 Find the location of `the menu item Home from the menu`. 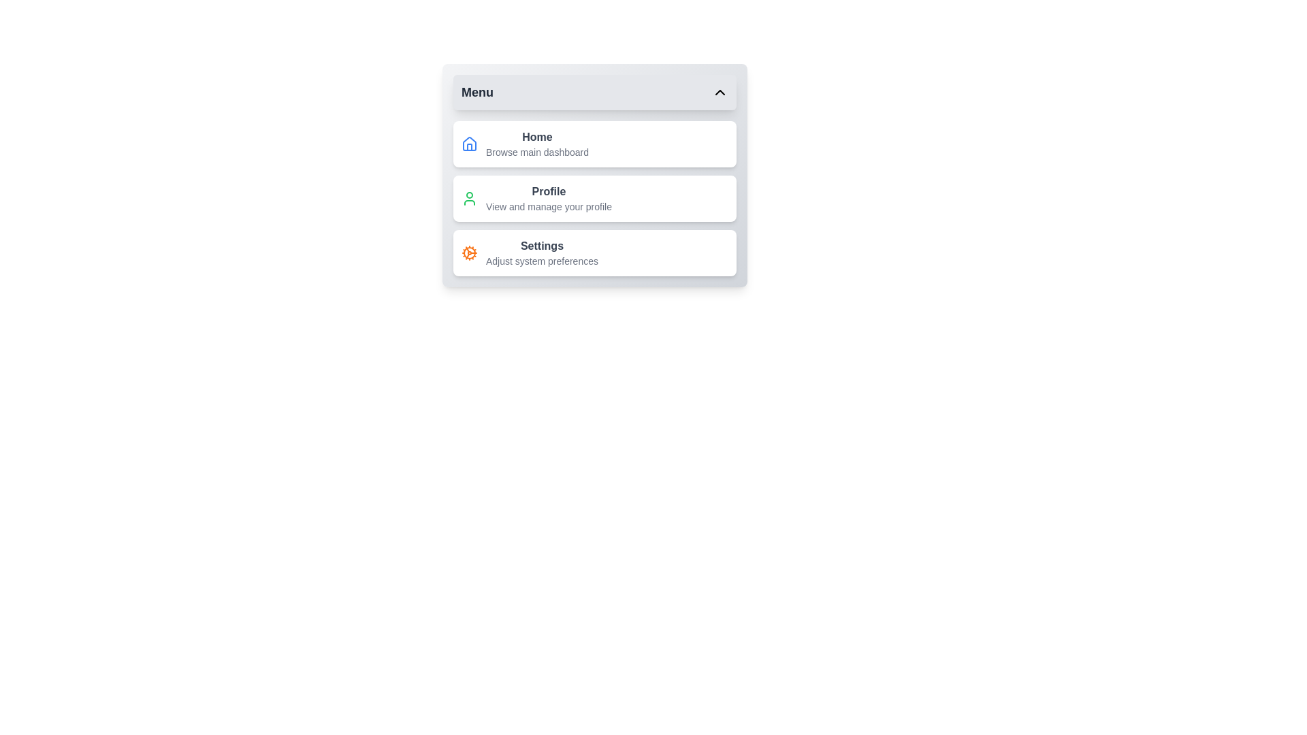

the menu item Home from the menu is located at coordinates (594, 144).